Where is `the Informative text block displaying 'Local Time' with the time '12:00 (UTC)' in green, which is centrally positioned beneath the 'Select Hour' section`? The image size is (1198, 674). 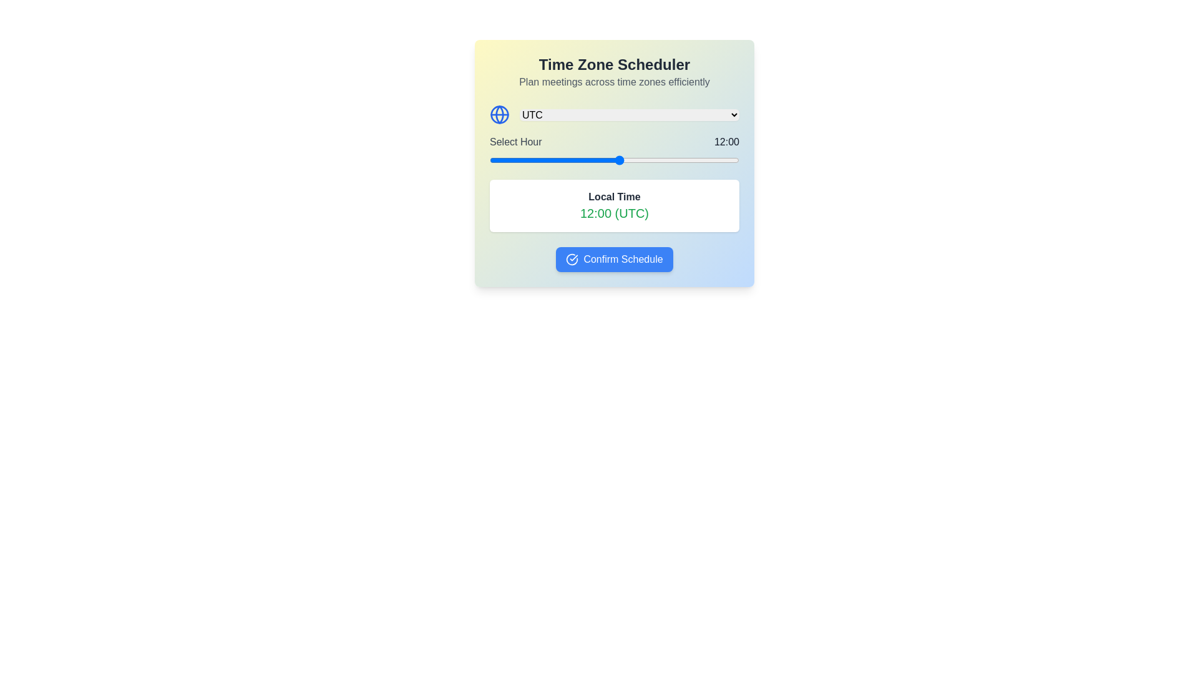
the Informative text block displaying 'Local Time' with the time '12:00 (UTC)' in green, which is centrally positioned beneath the 'Select Hour' section is located at coordinates (614, 205).